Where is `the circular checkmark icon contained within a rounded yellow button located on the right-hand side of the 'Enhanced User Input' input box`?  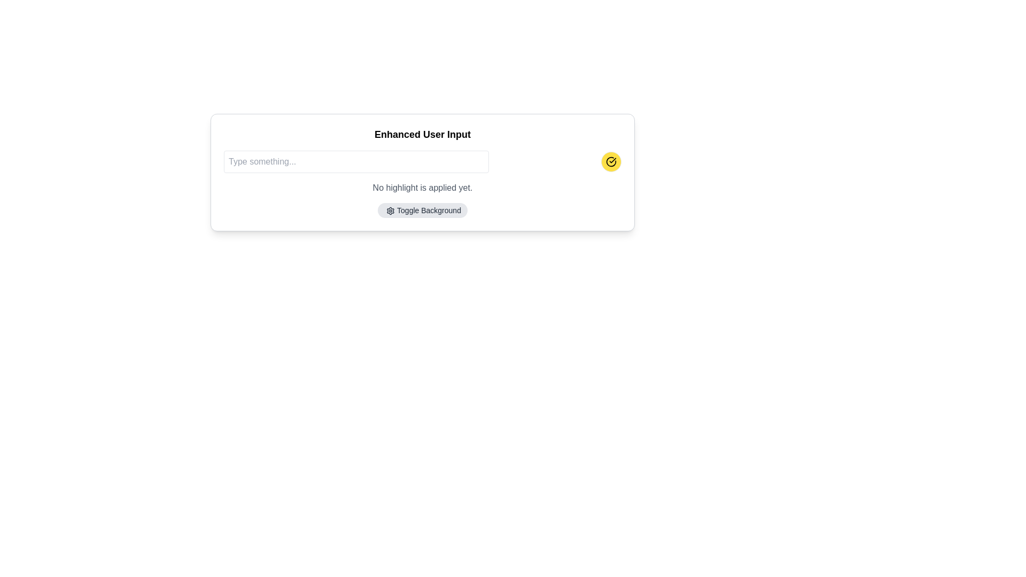
the circular checkmark icon contained within a rounded yellow button located on the right-hand side of the 'Enhanced User Input' input box is located at coordinates (611, 162).